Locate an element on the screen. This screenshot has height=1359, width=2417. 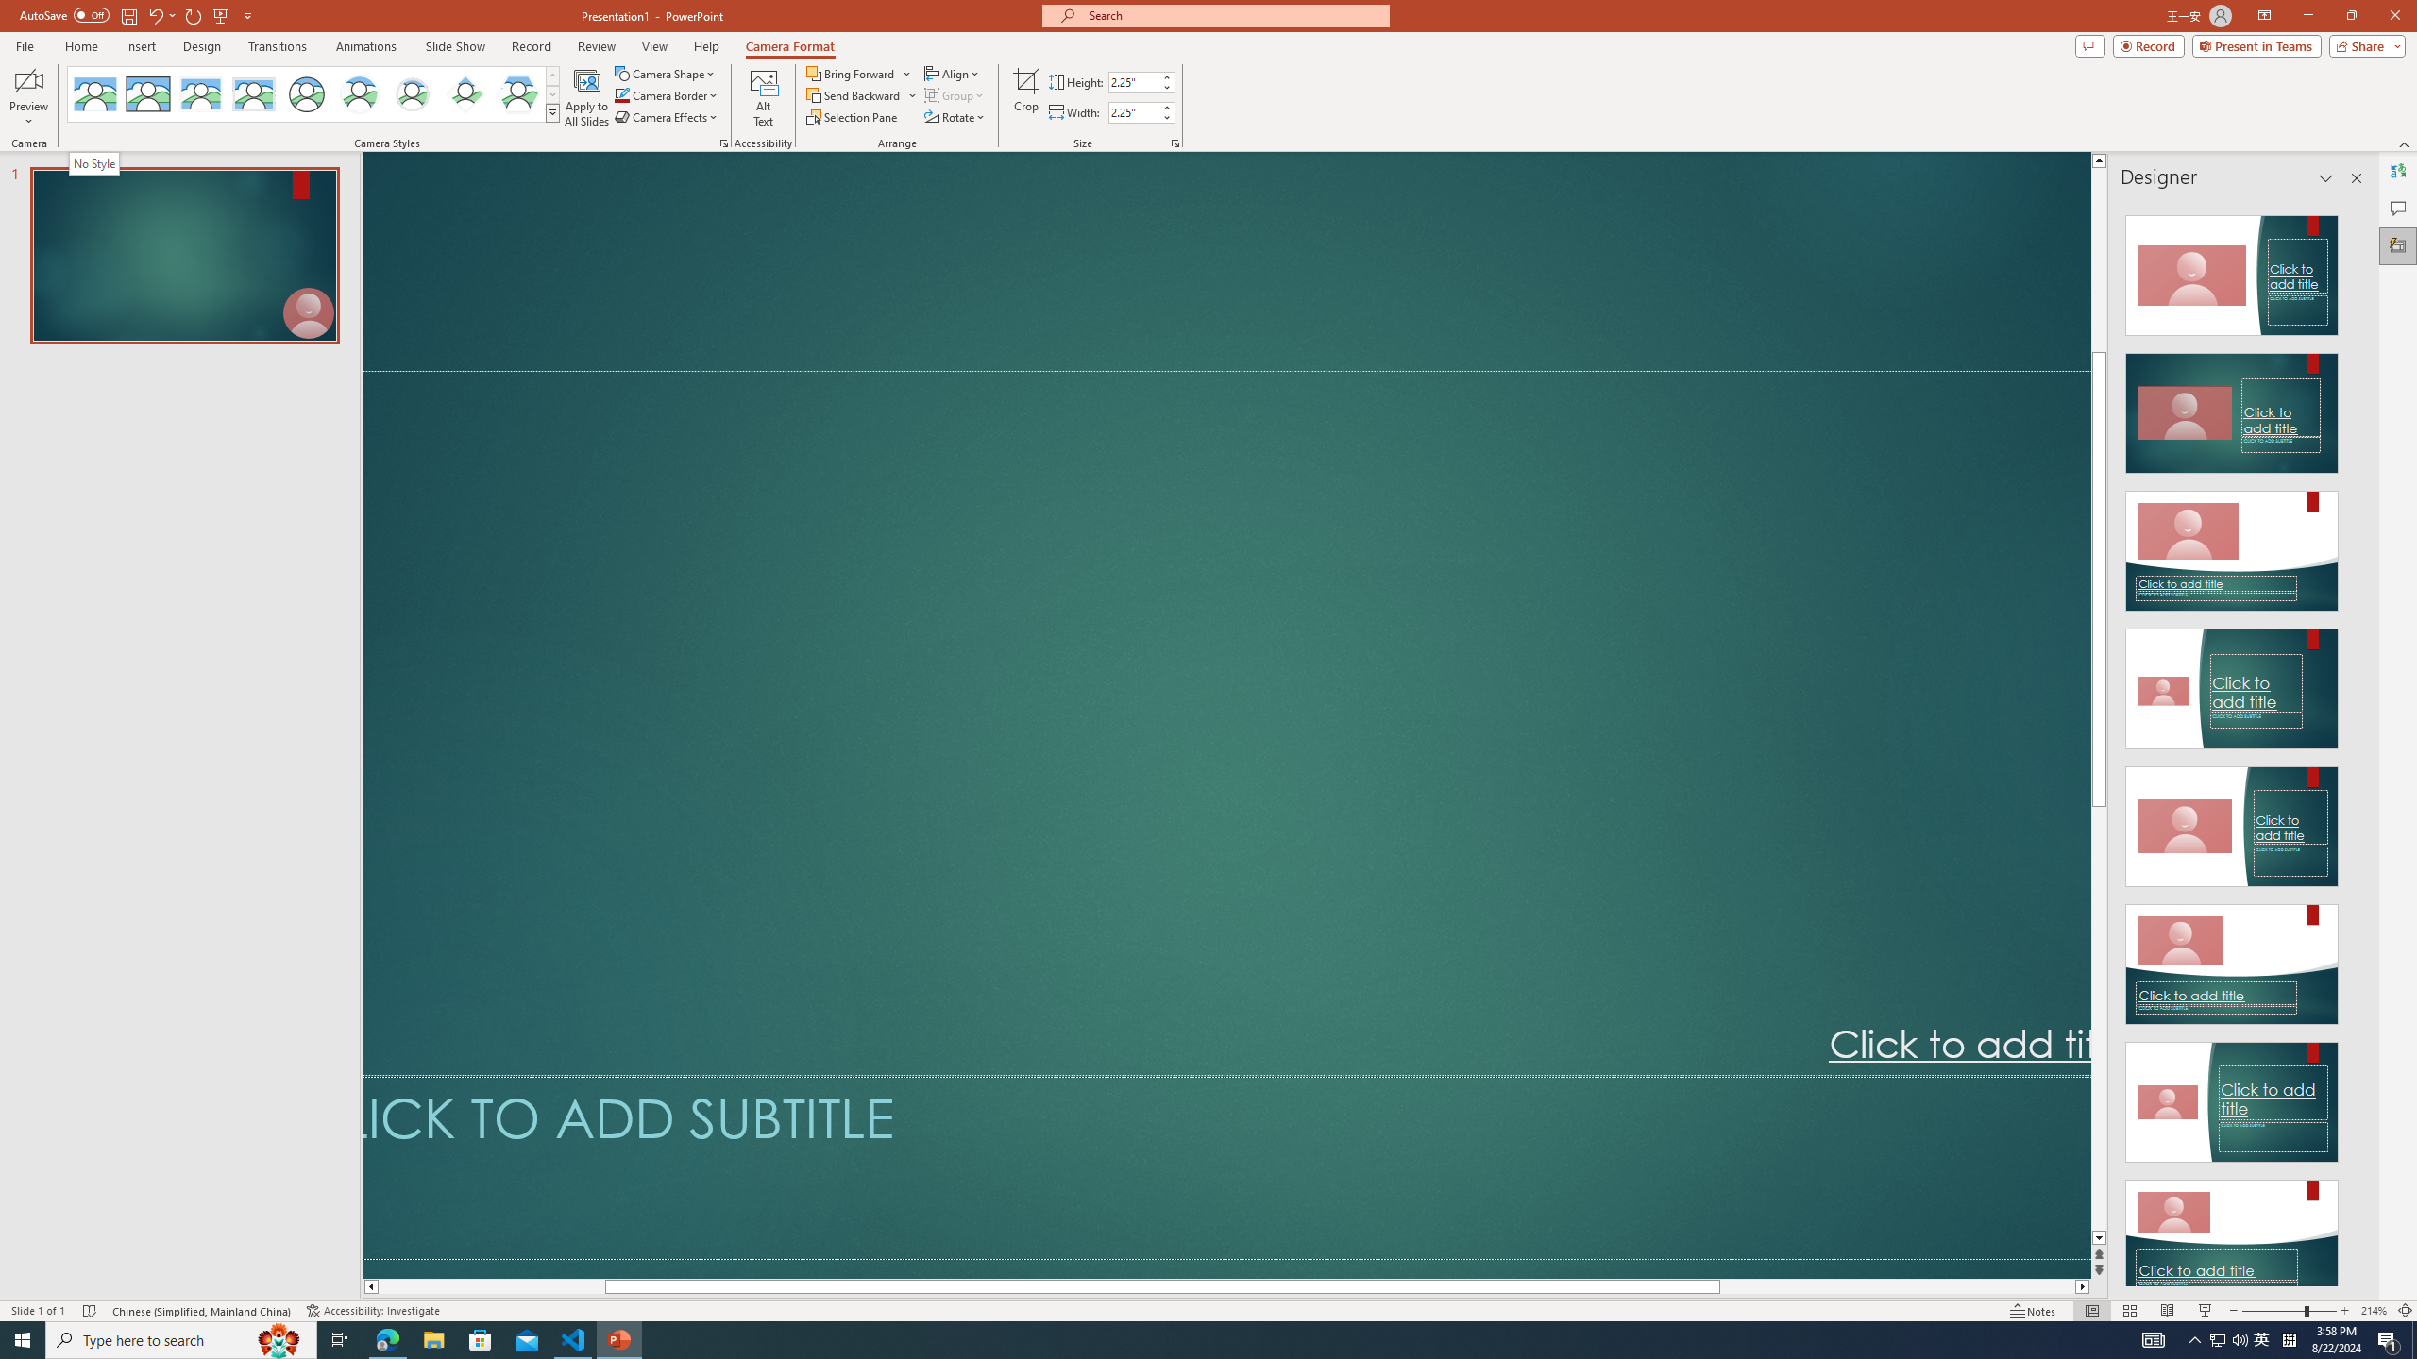
'Simple Frame Circle' is located at coordinates (307, 93).